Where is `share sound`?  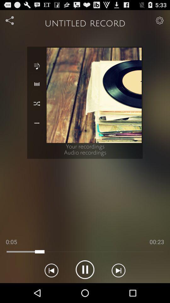
share sound is located at coordinates (10, 20).